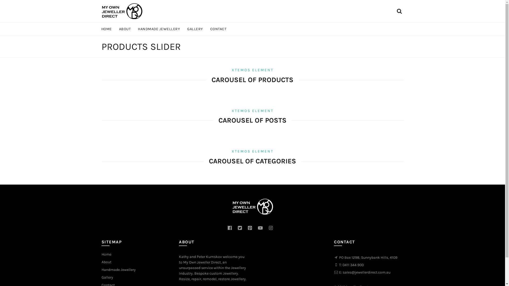  What do you see at coordinates (106, 262) in the screenshot?
I see `'About'` at bounding box center [106, 262].